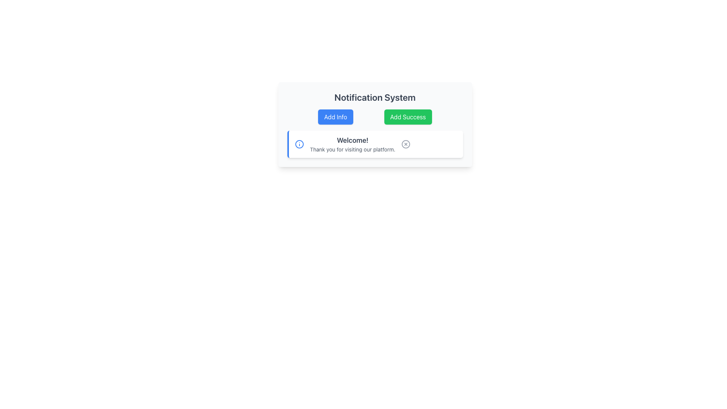  What do you see at coordinates (406, 144) in the screenshot?
I see `the interactive close button icon, which is a circular shape with an 'X' mark inside, located at the far right of the 'Welcome!' notification card` at bounding box center [406, 144].